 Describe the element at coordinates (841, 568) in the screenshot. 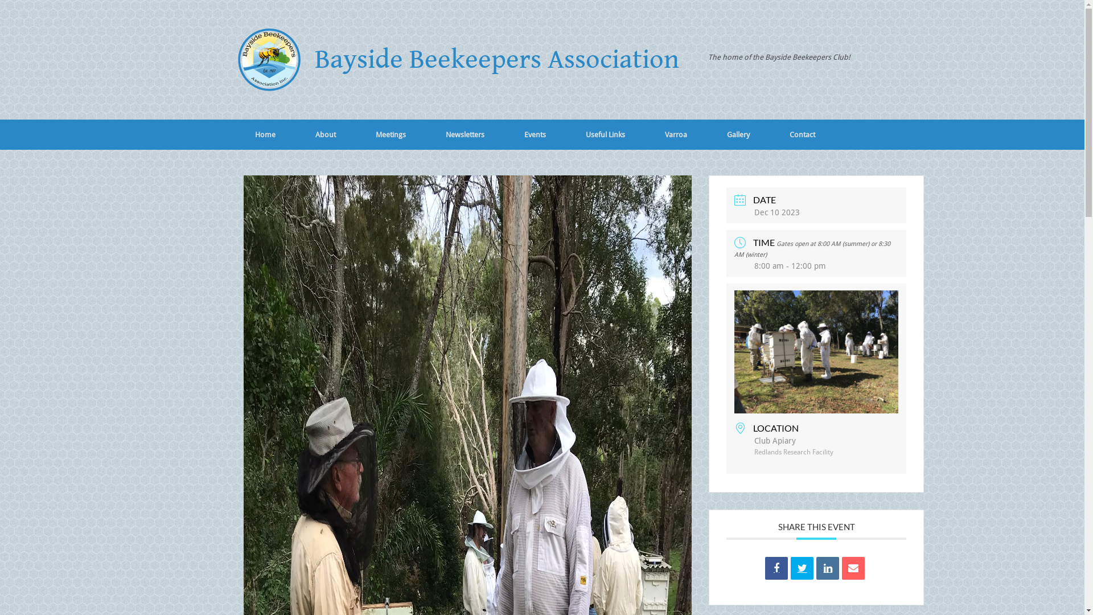

I see `'Email'` at that location.